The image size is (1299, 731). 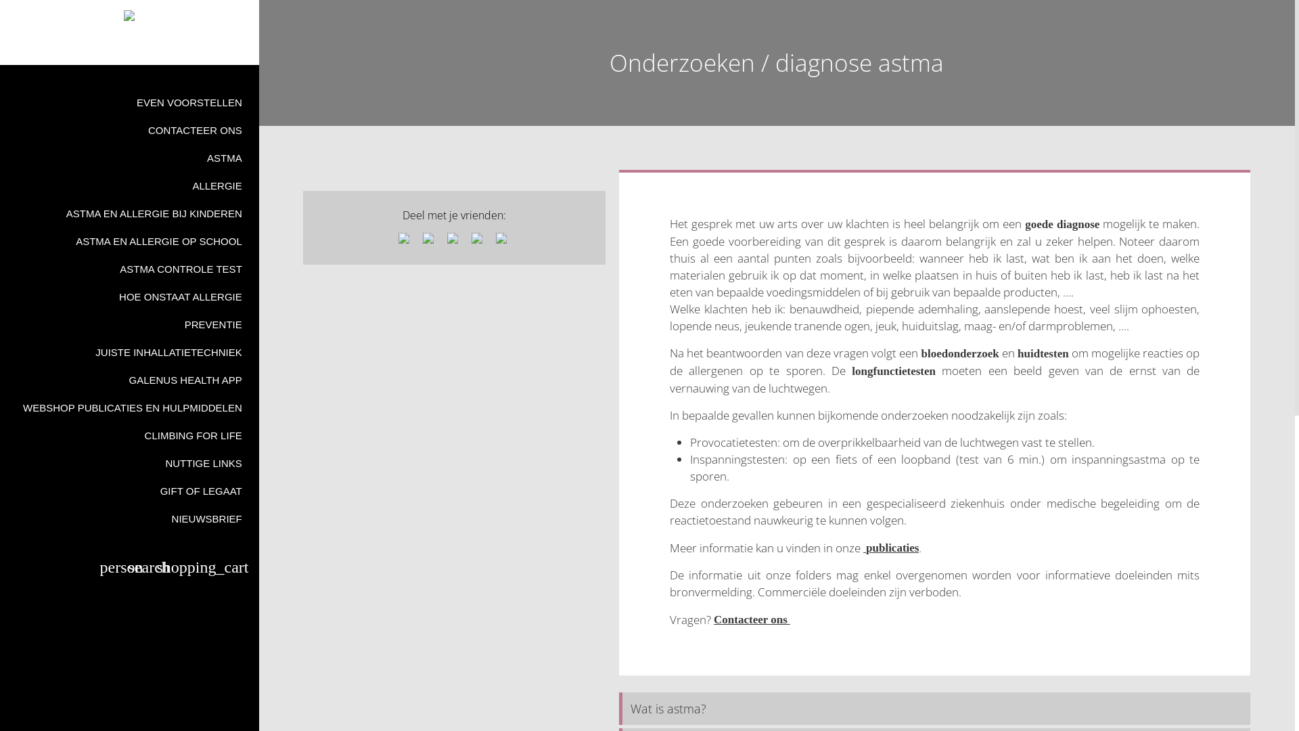 I want to click on 'ASTMA', so click(x=129, y=157).